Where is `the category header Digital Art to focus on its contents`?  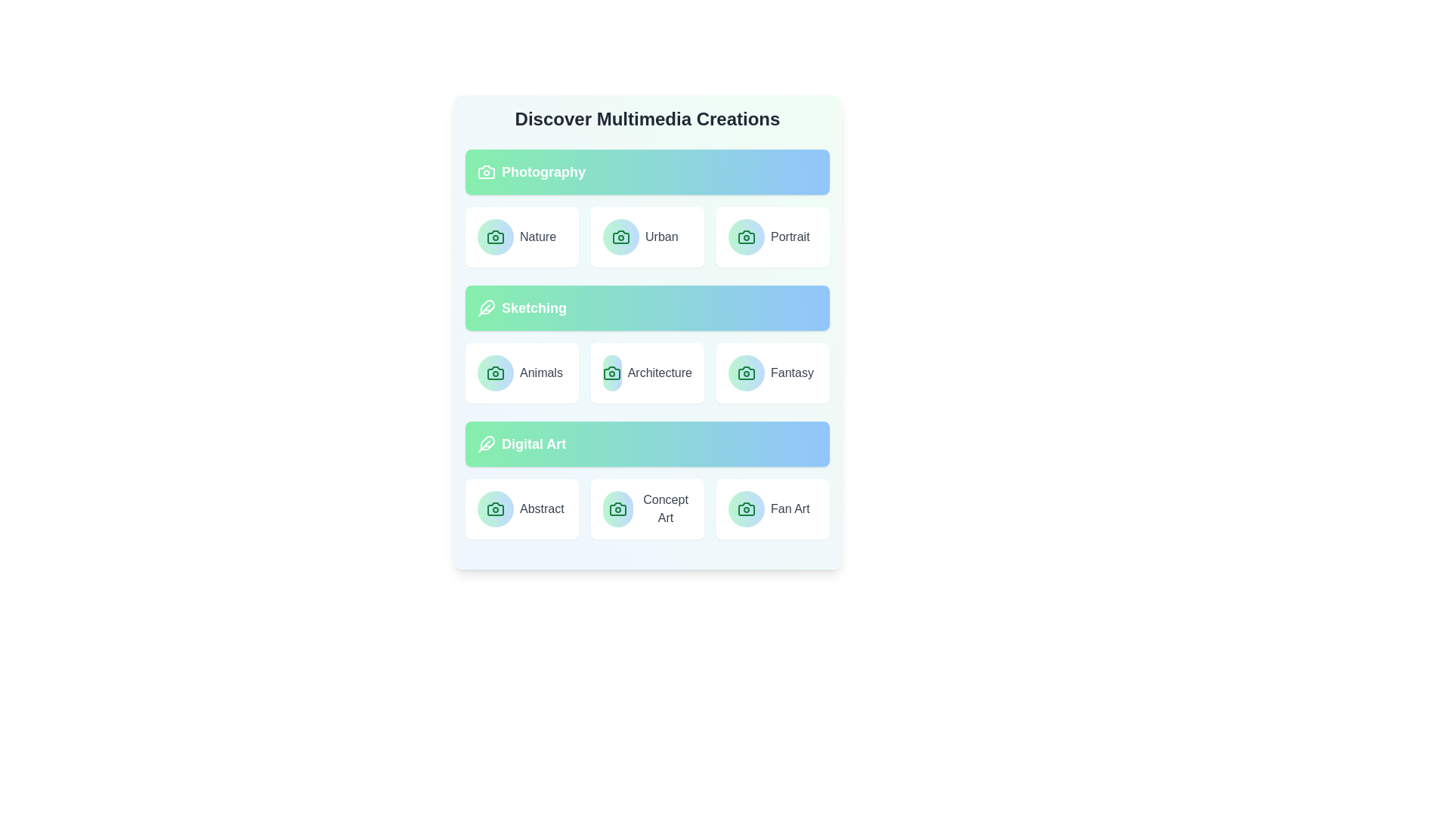 the category header Digital Art to focus on its contents is located at coordinates (648, 443).